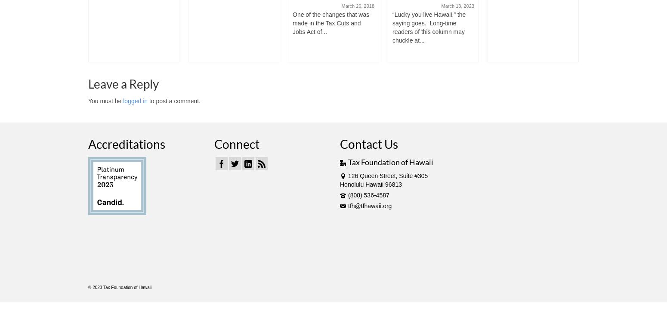 This screenshot has height=326, width=667. I want to click on 'March 26, 2018', so click(340, 6).